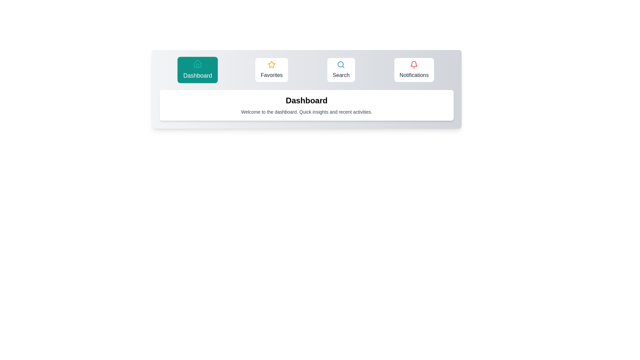 The height and width of the screenshot is (360, 640). I want to click on the Dashboard tab by clicking on its button, so click(197, 70).